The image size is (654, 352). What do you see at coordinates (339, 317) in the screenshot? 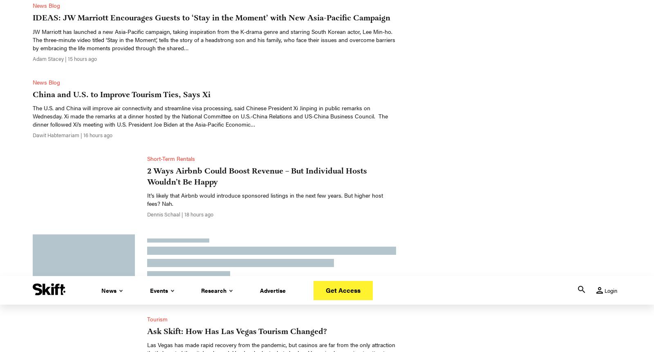
I see `'Facebook'` at bounding box center [339, 317].